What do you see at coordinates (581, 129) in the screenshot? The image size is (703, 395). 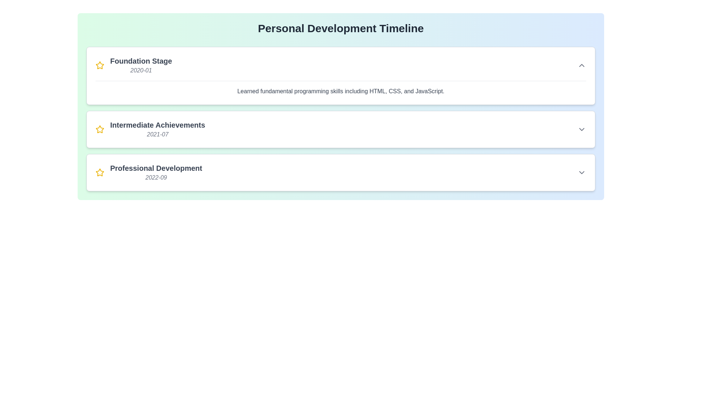 I see `the downward-facing chevron icon styled with rounded stroke edges and gray color, located next to 'Intermediate Achievements'` at bounding box center [581, 129].